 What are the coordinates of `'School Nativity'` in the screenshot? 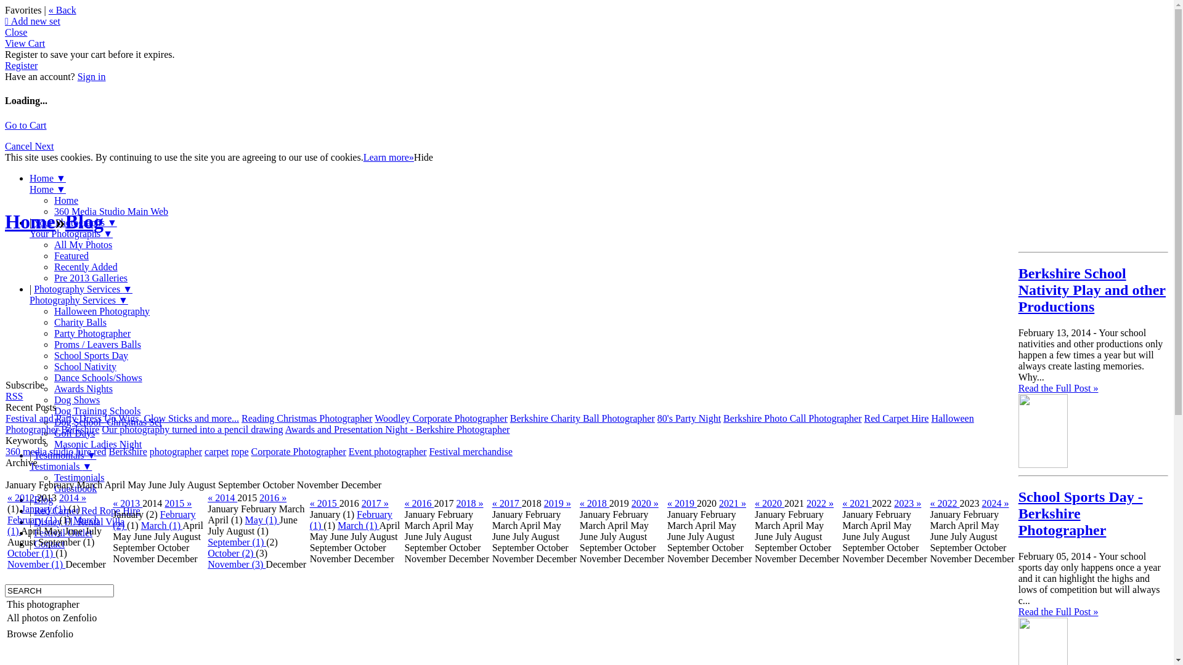 It's located at (84, 366).